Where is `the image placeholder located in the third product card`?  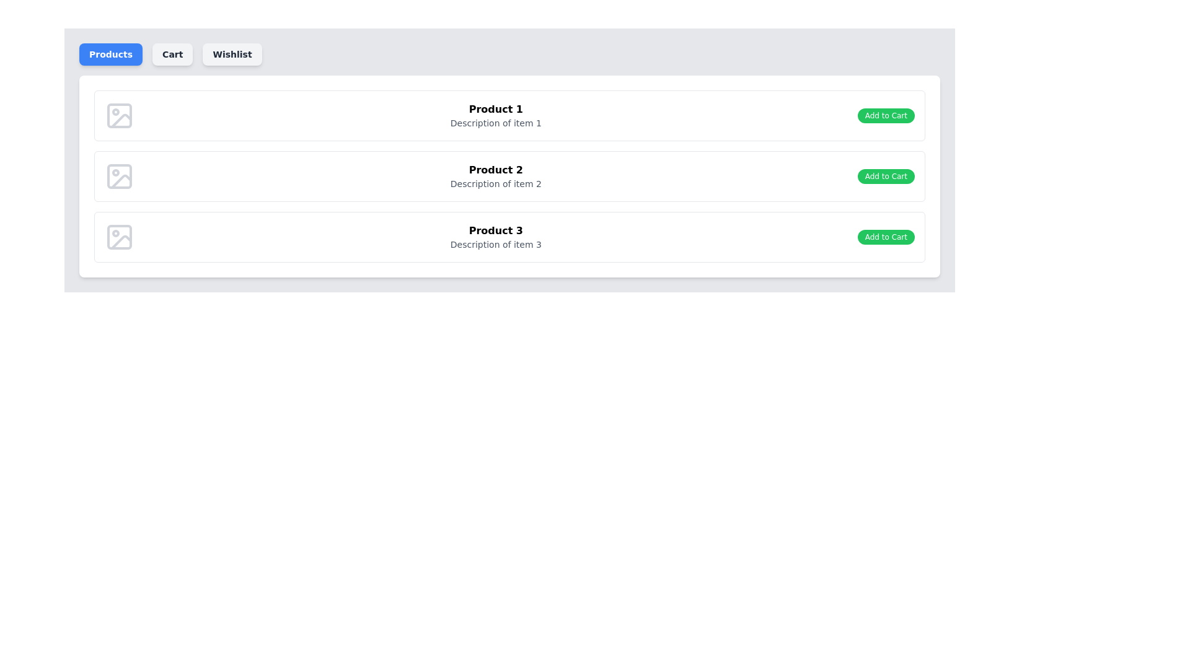 the image placeholder located in the third product card is located at coordinates (119, 237).